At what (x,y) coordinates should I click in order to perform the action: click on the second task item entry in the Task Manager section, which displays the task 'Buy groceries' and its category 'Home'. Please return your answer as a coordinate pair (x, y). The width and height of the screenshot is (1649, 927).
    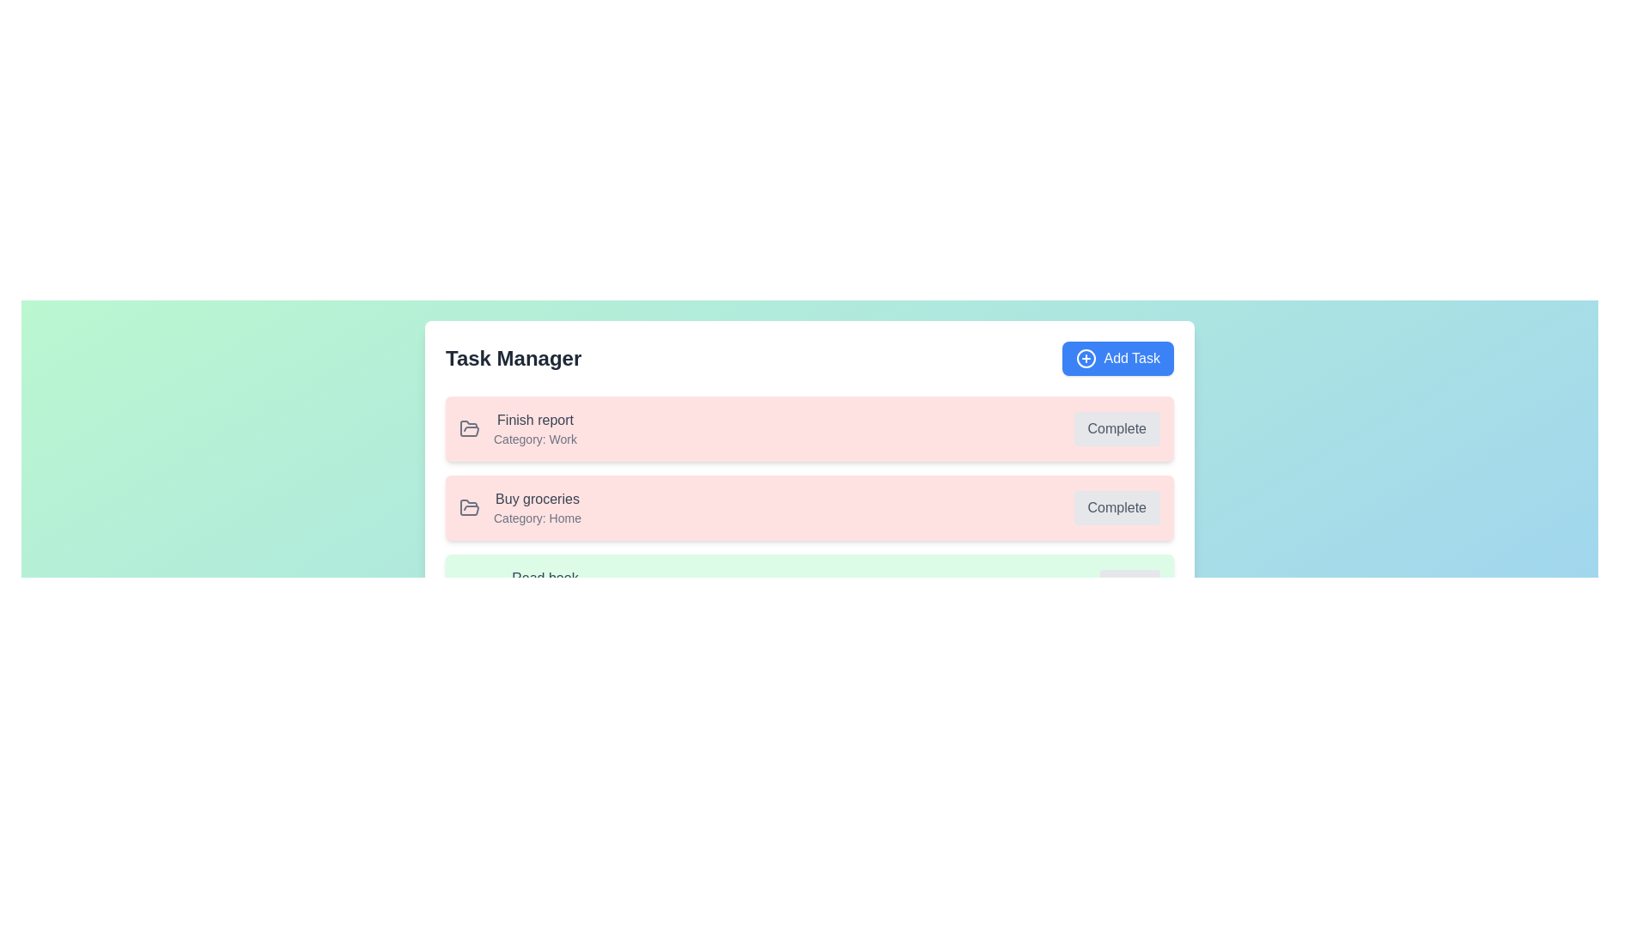
    Looking at the image, I should click on (808, 506).